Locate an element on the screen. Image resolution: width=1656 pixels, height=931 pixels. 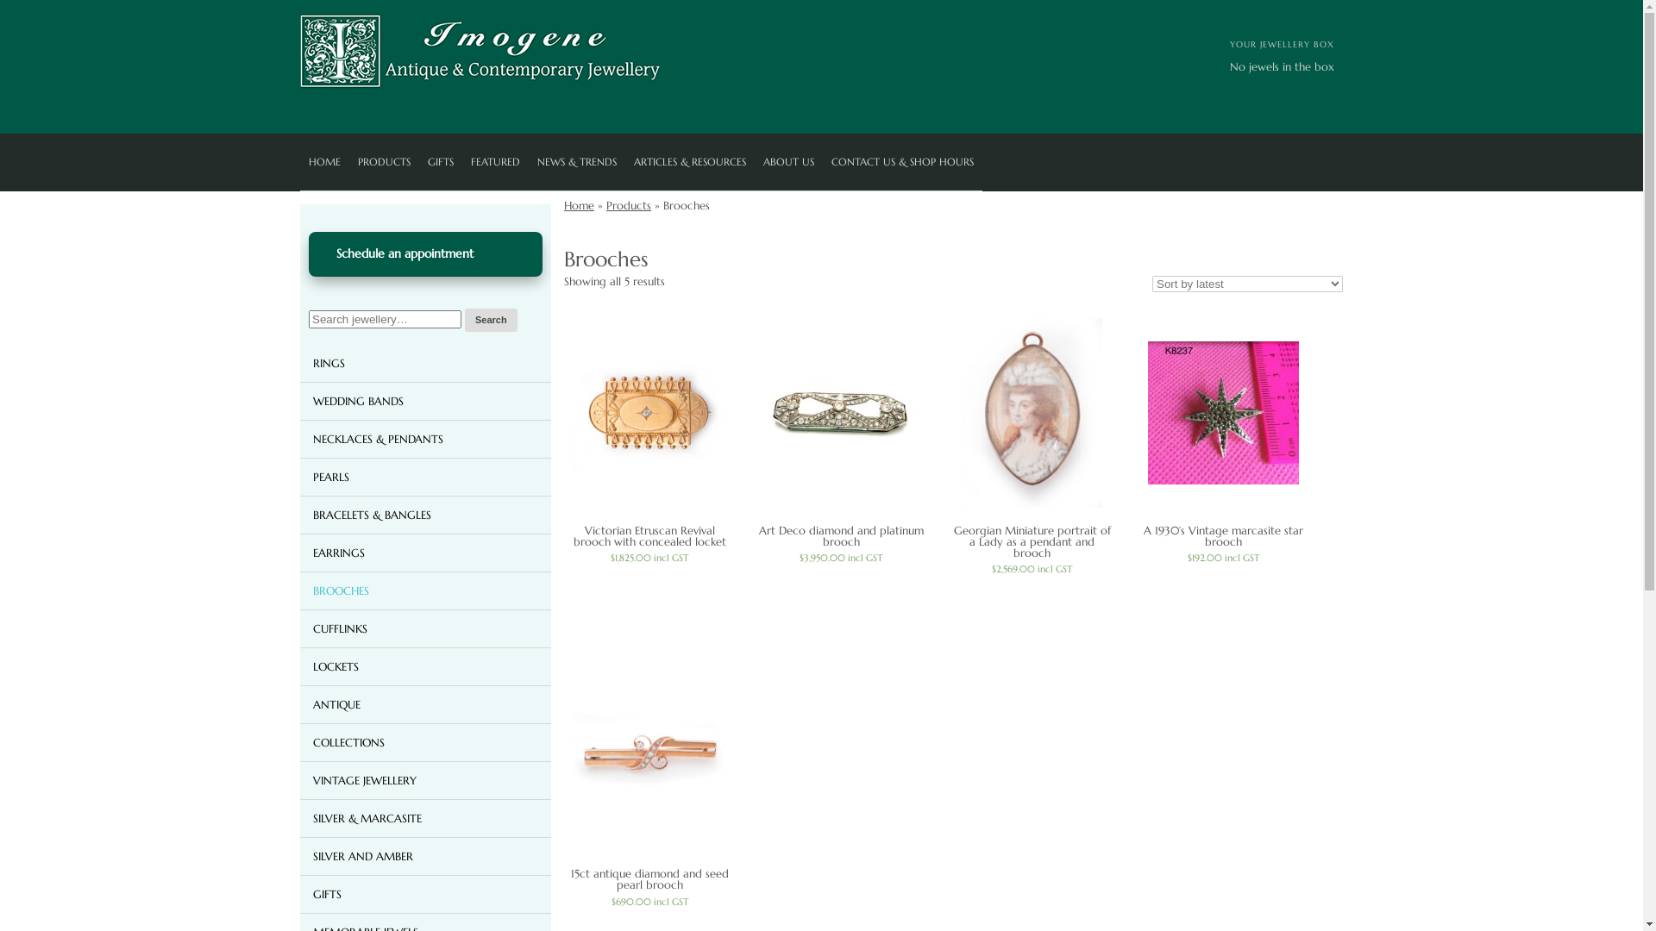
'SILVER AND AMBER' is located at coordinates (425, 855).